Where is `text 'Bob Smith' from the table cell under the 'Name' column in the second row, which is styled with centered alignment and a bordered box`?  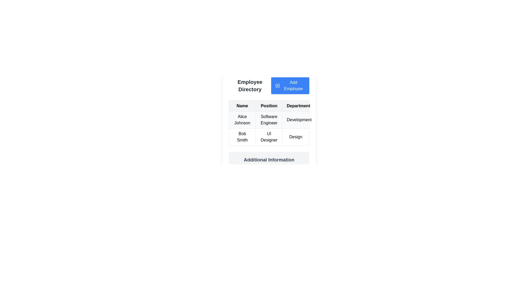
text 'Bob Smith' from the table cell under the 'Name' column in the second row, which is styled with centered alignment and a bordered box is located at coordinates (242, 136).